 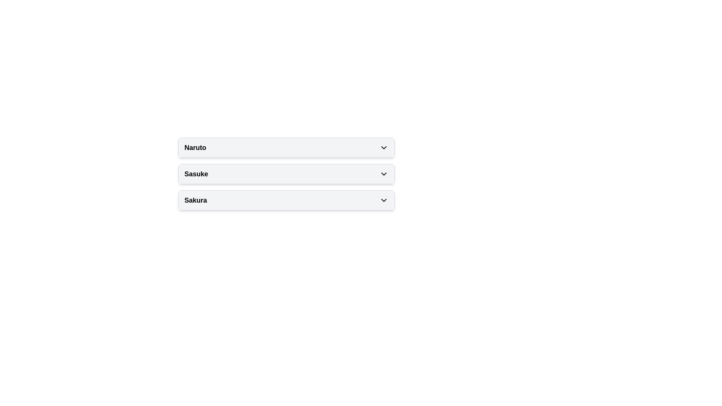 What do you see at coordinates (384, 148) in the screenshot?
I see `the chevron-shaped arrow pointing downward in the dropdown menu header labeled 'Naruto'` at bounding box center [384, 148].